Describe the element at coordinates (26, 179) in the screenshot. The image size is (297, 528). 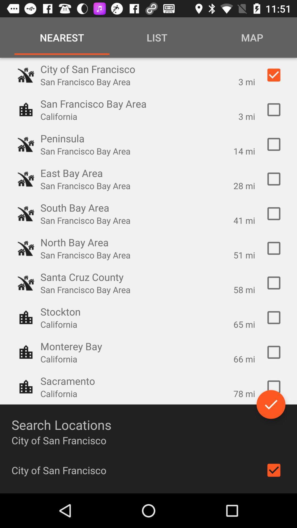
I see `the icon which is in 4th place from the top` at that location.